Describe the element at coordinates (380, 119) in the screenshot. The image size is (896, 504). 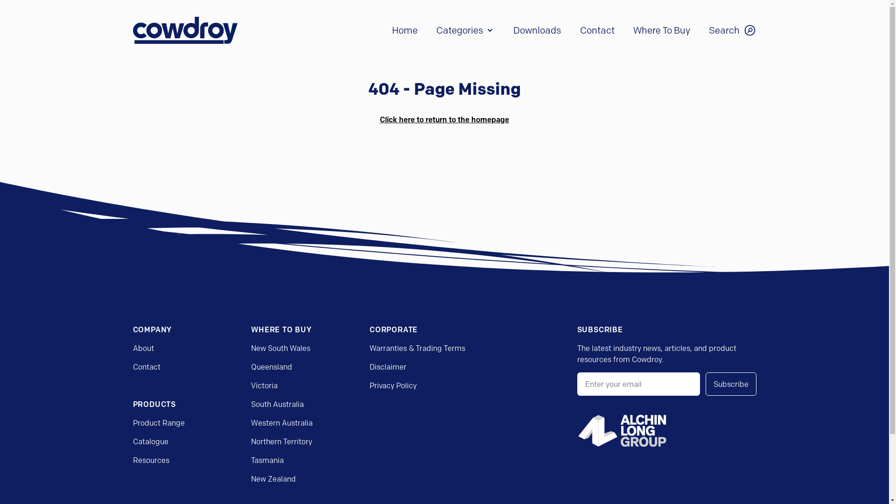
I see `'Click here to return to the homepage'` at that location.